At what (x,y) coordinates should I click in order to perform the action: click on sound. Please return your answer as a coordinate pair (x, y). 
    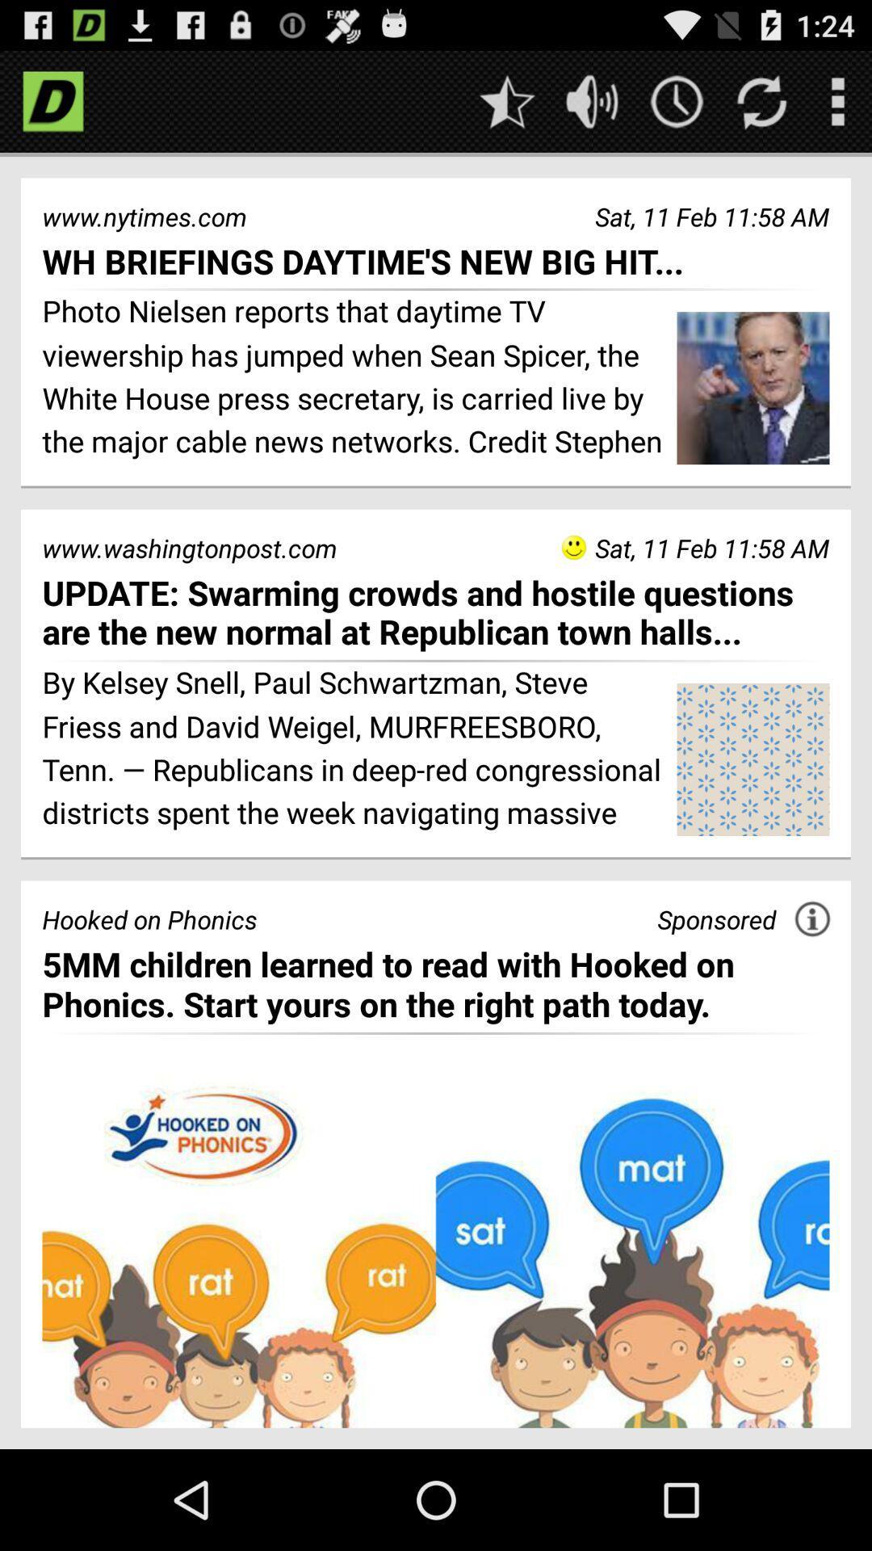
    Looking at the image, I should click on (592, 100).